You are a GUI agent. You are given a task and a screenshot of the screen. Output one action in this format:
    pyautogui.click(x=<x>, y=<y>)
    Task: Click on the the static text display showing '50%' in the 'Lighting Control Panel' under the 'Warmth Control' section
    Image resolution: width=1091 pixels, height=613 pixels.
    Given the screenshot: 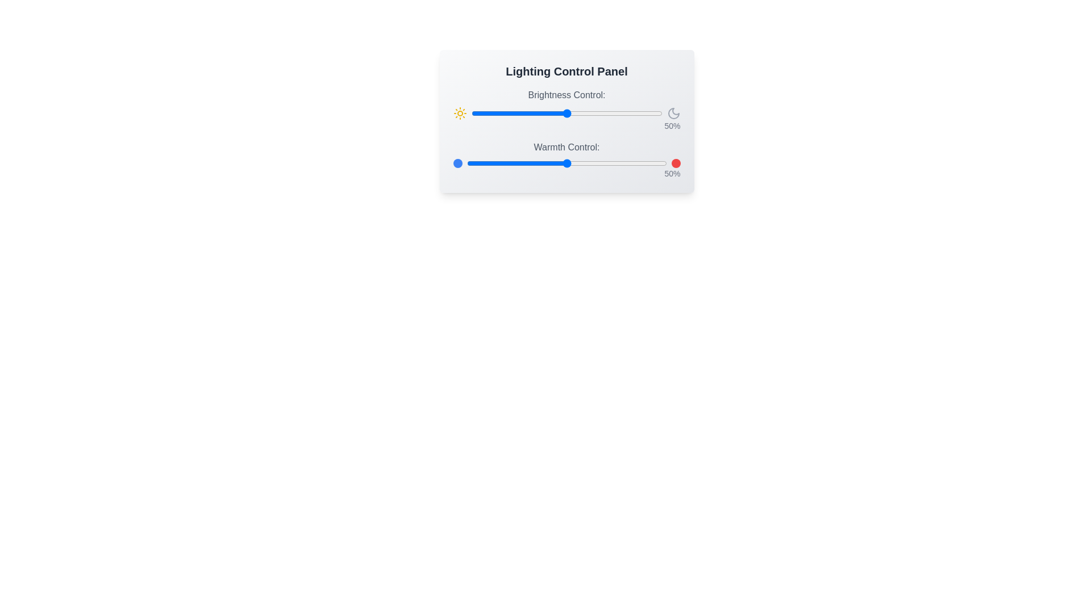 What is the action you would take?
    pyautogui.click(x=567, y=173)
    